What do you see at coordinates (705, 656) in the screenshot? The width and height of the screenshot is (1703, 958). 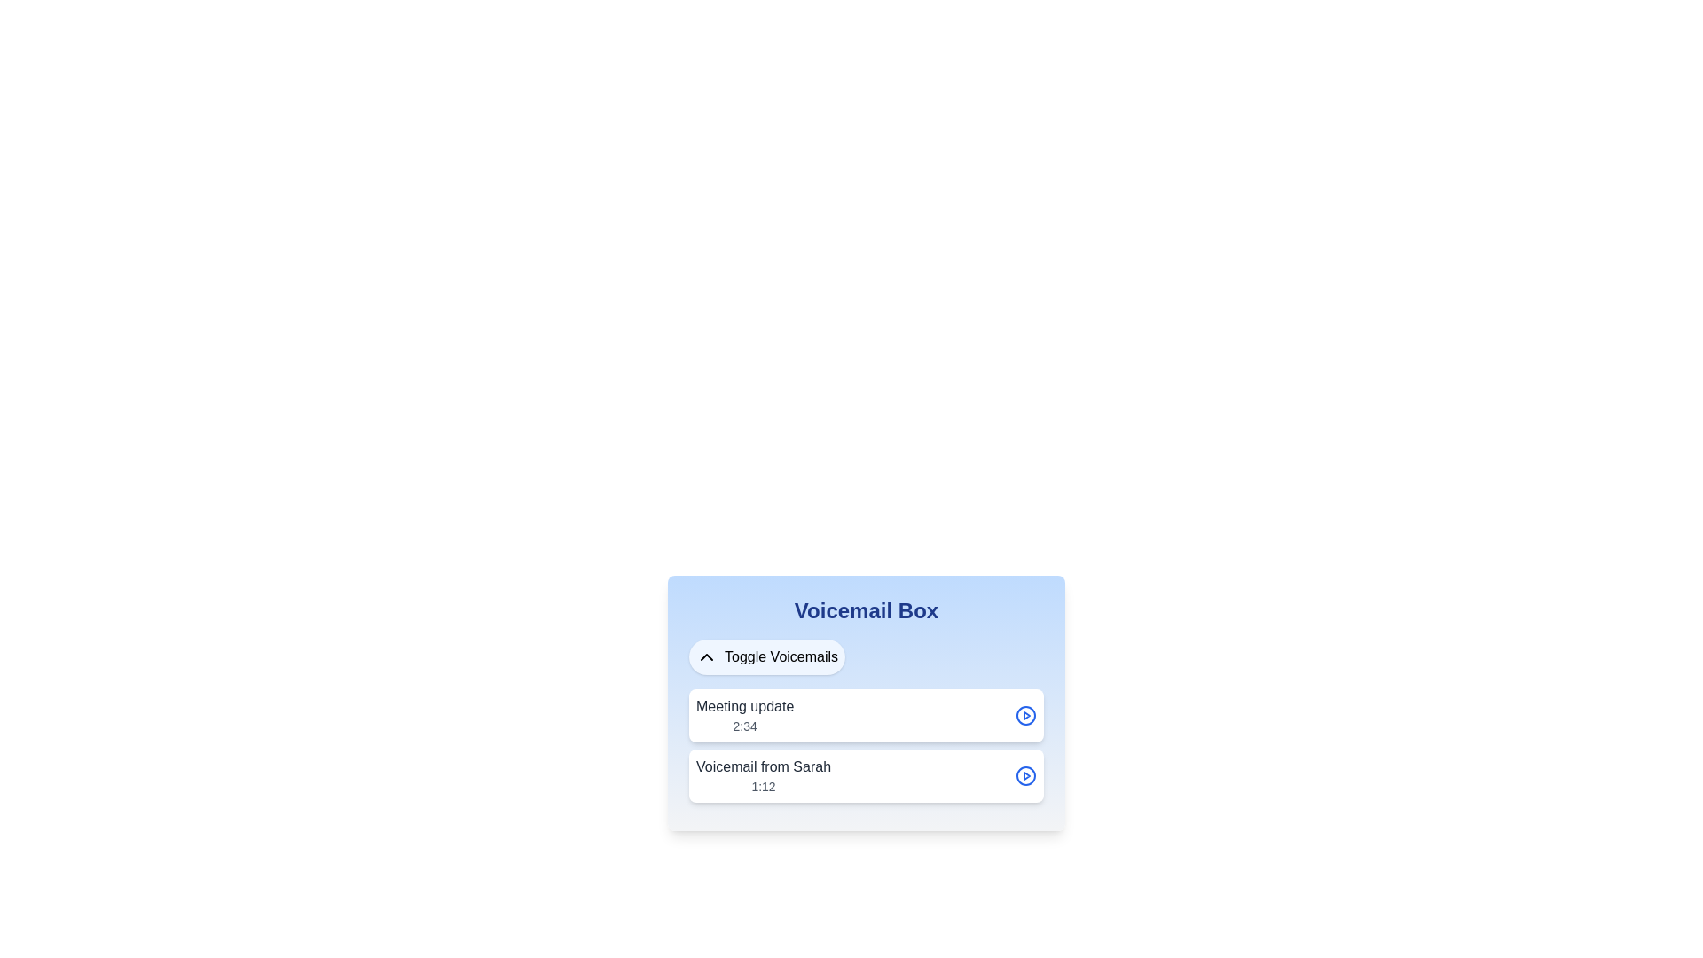 I see `the chevron-up icon within the 'Toggle Voicemails' button` at bounding box center [705, 656].